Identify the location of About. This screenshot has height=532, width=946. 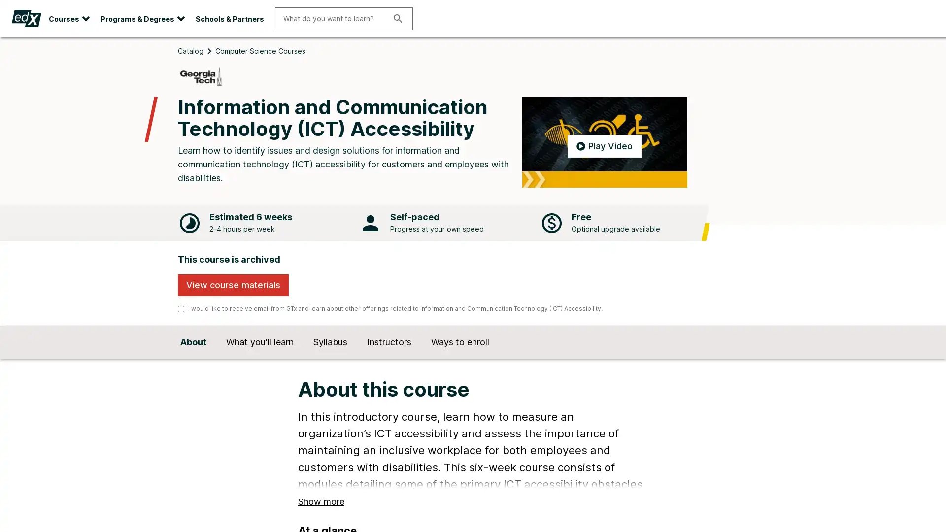
(193, 359).